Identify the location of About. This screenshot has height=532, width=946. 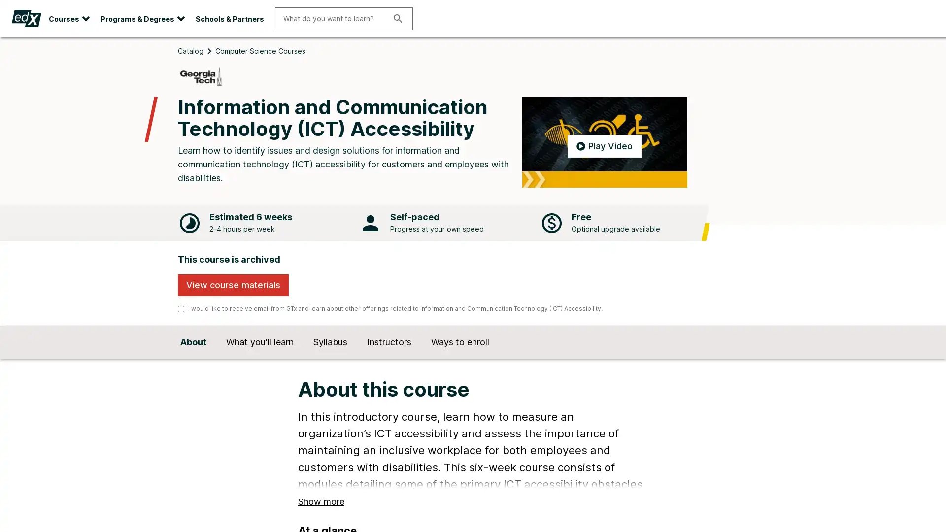
(193, 359).